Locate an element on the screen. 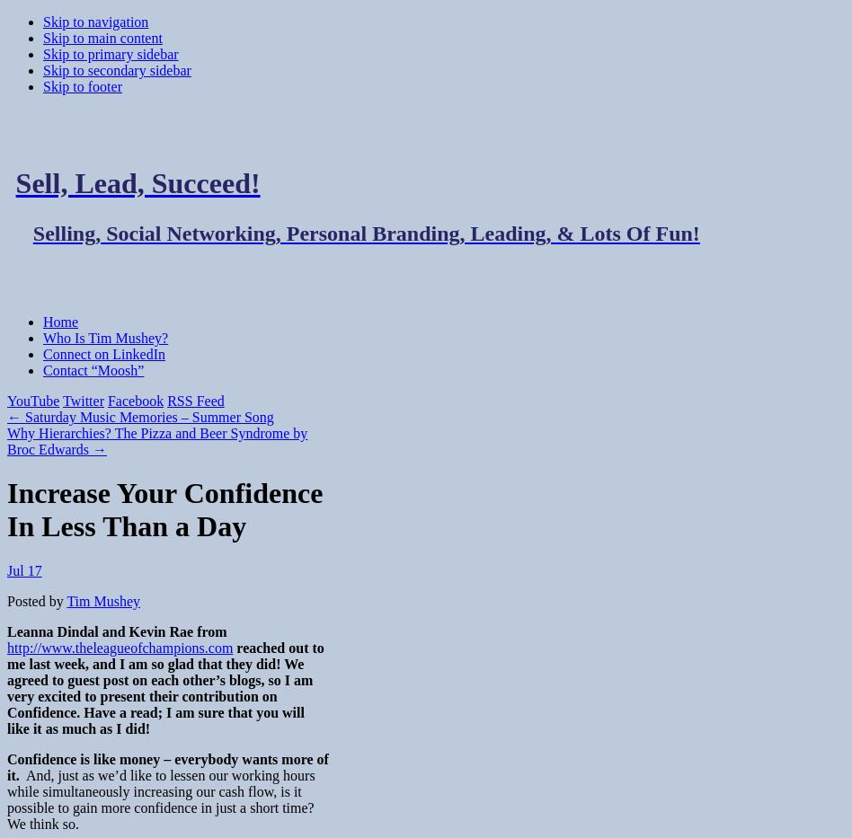 Image resolution: width=852 pixels, height=838 pixels. 'Leanna Dindal and Kevin Rae from' is located at coordinates (6, 631).